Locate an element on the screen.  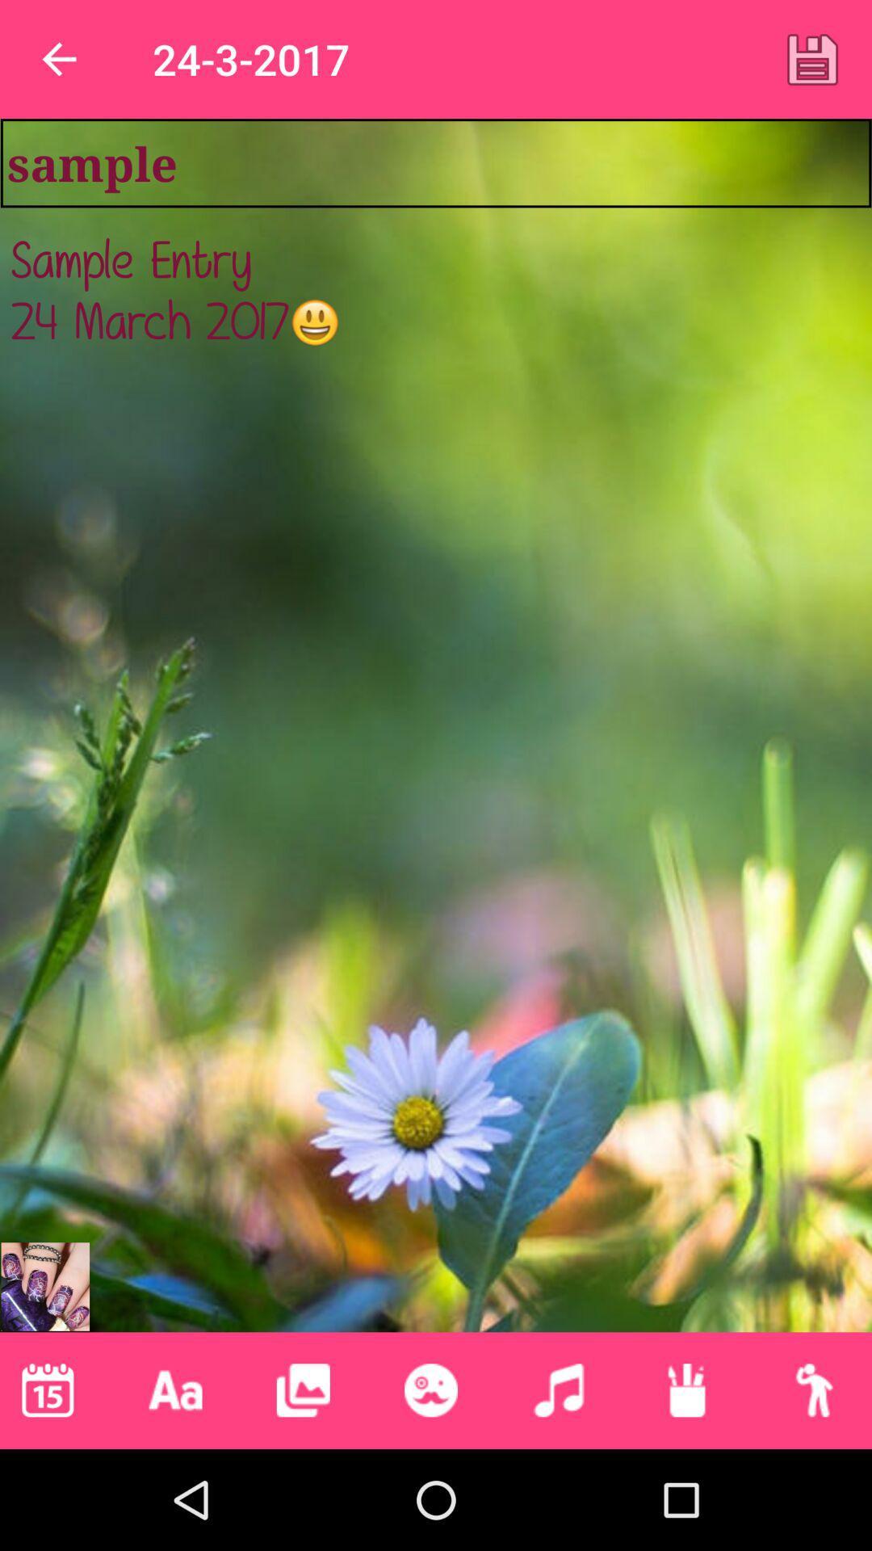
icon below the sample entry 24 is located at coordinates (558, 1389).